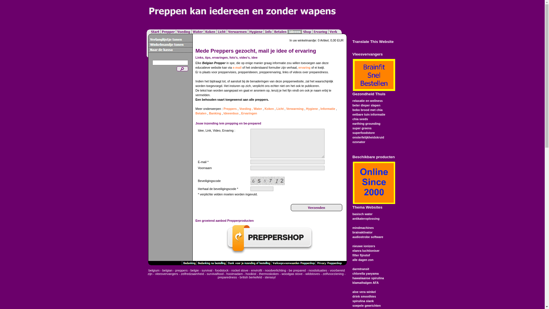 The image size is (549, 309). What do you see at coordinates (365, 282) in the screenshot?
I see `'klamathalgen AFA'` at bounding box center [365, 282].